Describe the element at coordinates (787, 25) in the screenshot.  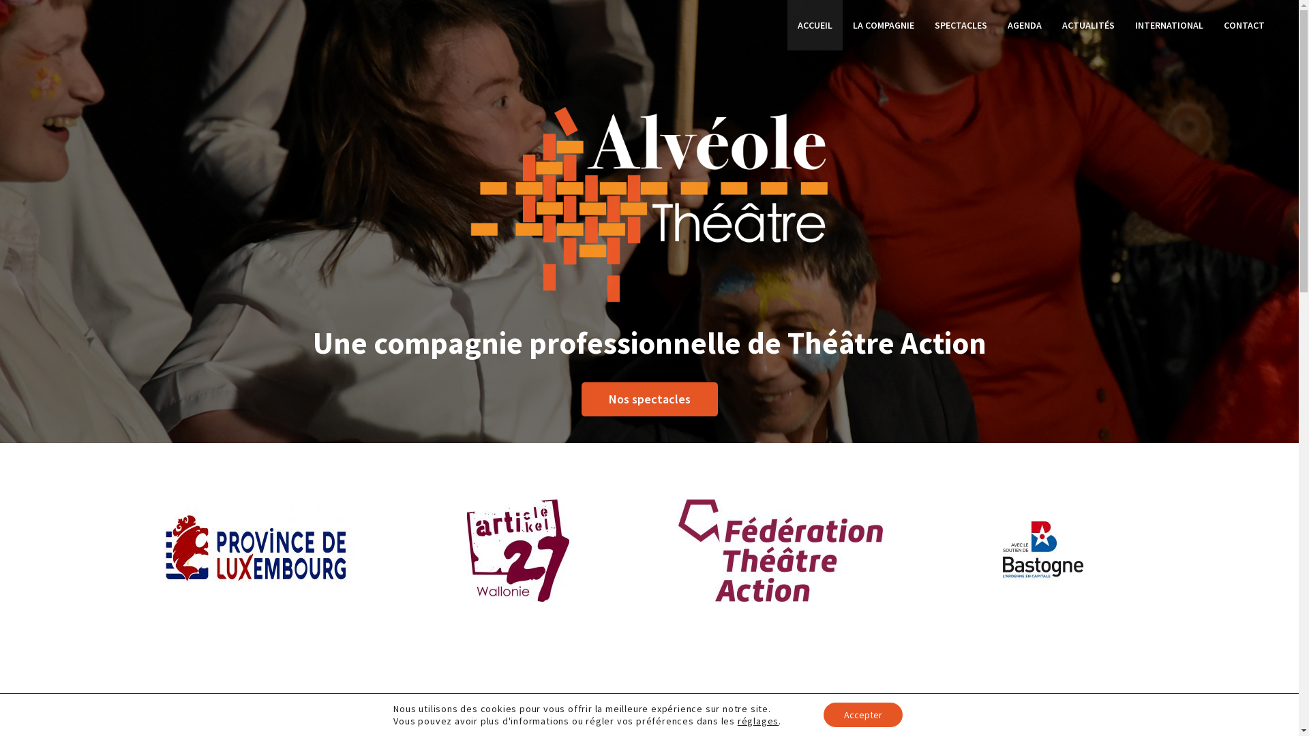
I see `'ACCUEIL'` at that location.